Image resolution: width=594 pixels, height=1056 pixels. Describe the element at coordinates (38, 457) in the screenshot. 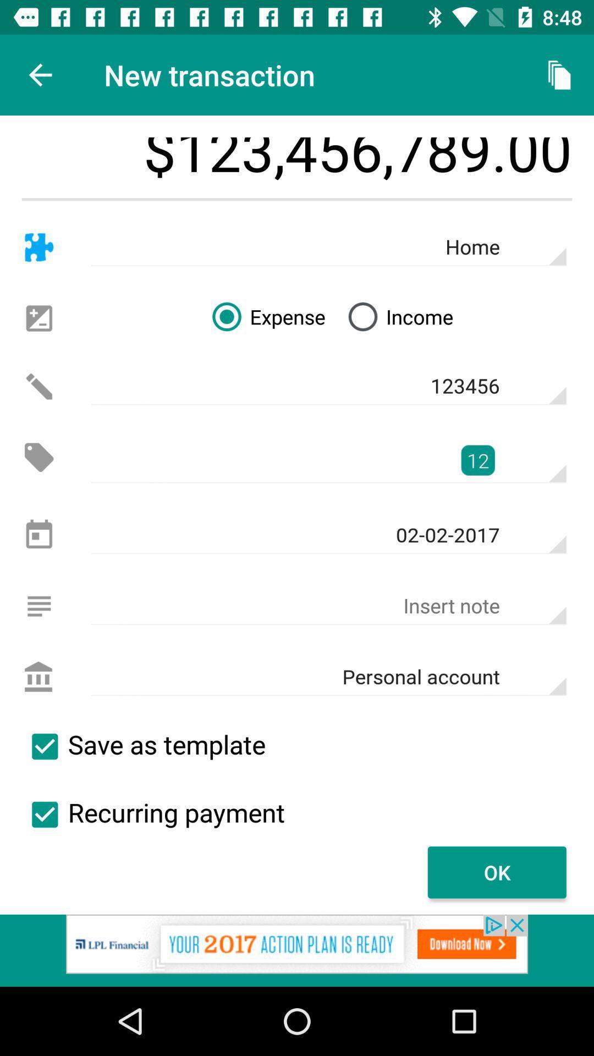

I see `access expenses` at that location.